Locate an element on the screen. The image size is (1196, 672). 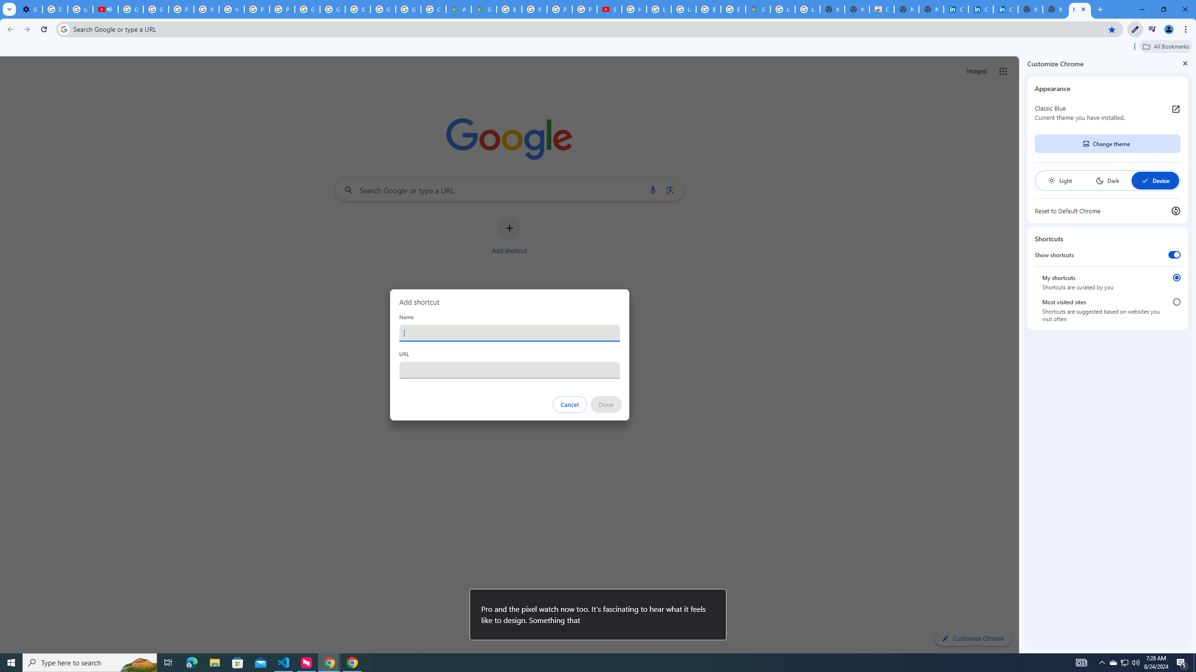
'Create your Google Account' is located at coordinates (434, 9).